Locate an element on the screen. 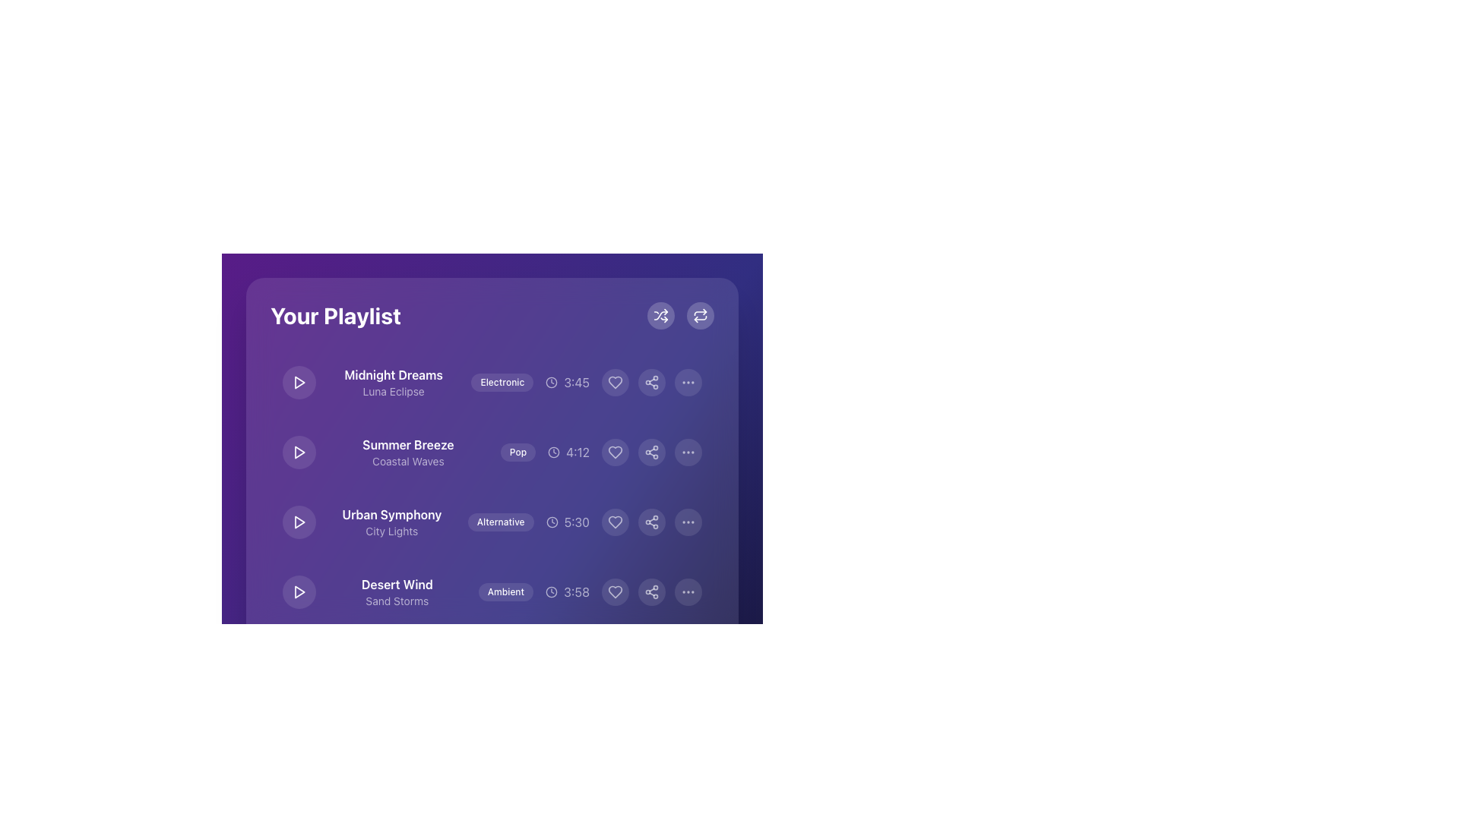 Image resolution: width=1459 pixels, height=820 pixels. the button located at the far right end of the first row in the playlist interface is located at coordinates (688, 382).